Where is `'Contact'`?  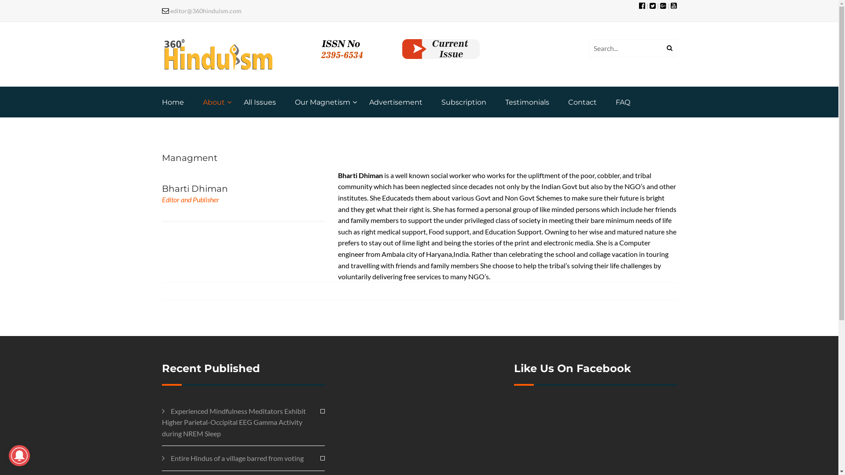
'Contact' is located at coordinates (568, 102).